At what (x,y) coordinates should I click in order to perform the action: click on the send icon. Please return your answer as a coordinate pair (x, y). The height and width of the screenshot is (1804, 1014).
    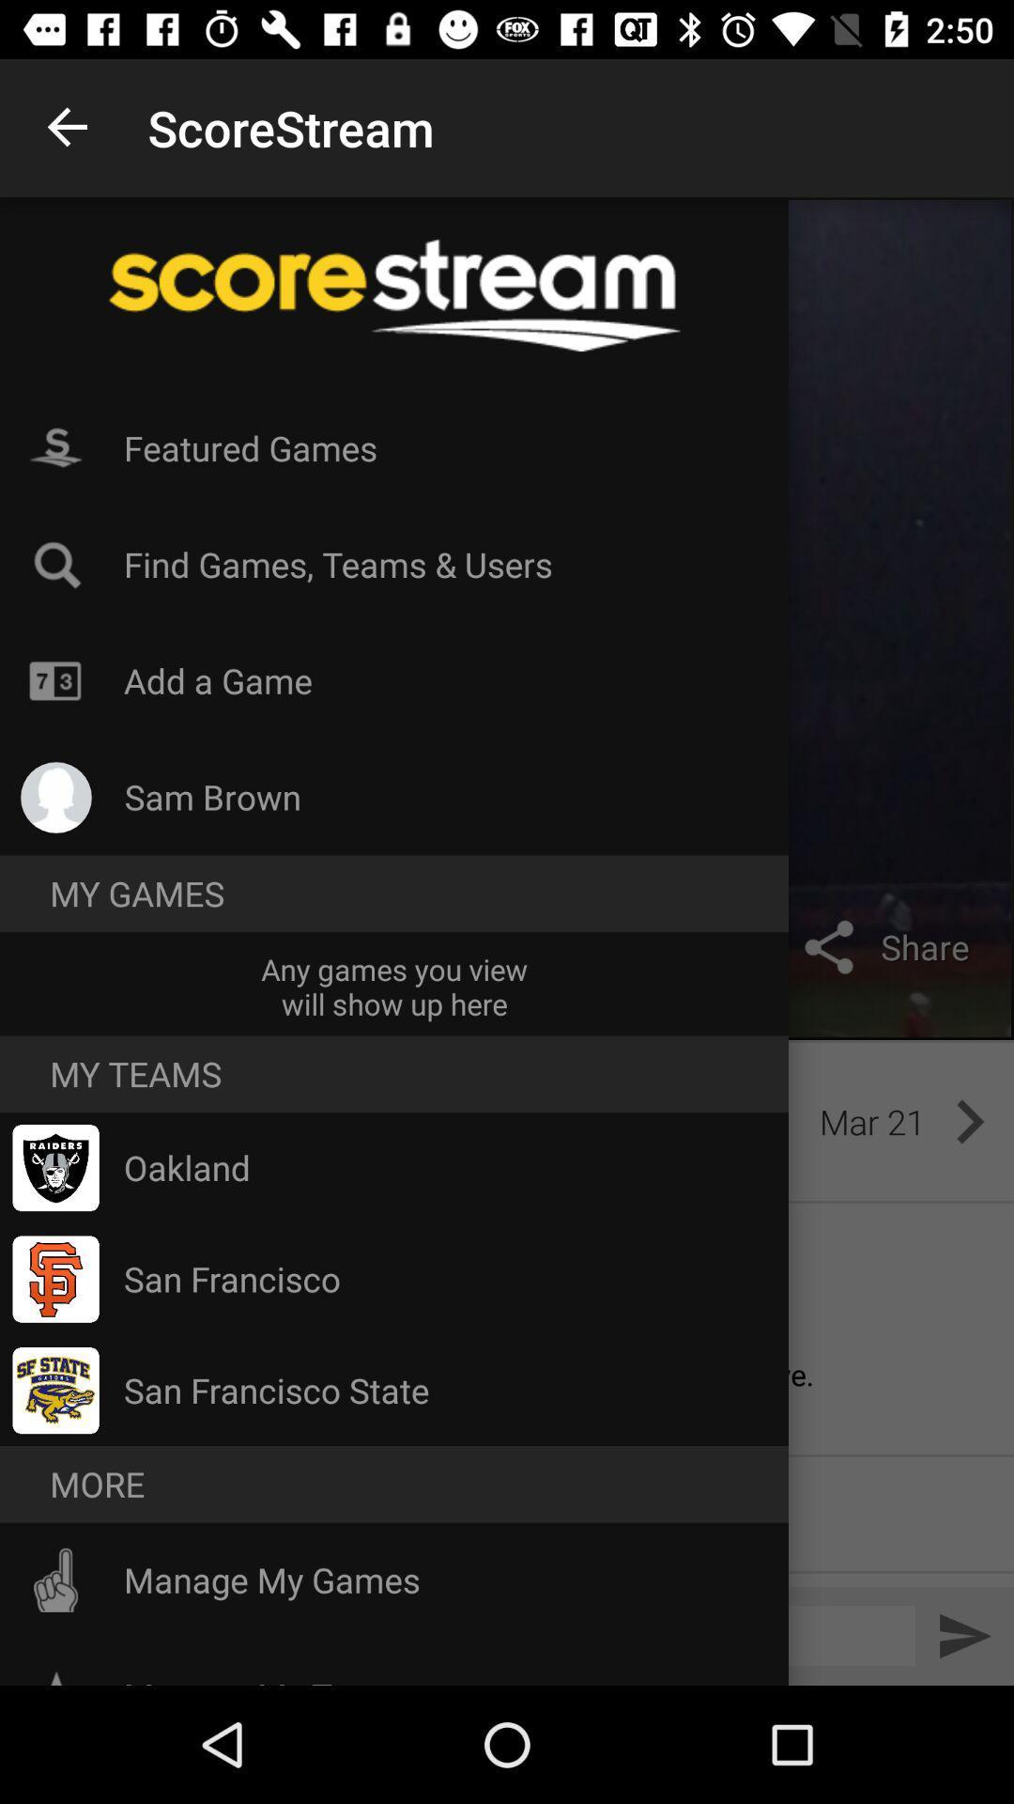
    Looking at the image, I should click on (964, 1635).